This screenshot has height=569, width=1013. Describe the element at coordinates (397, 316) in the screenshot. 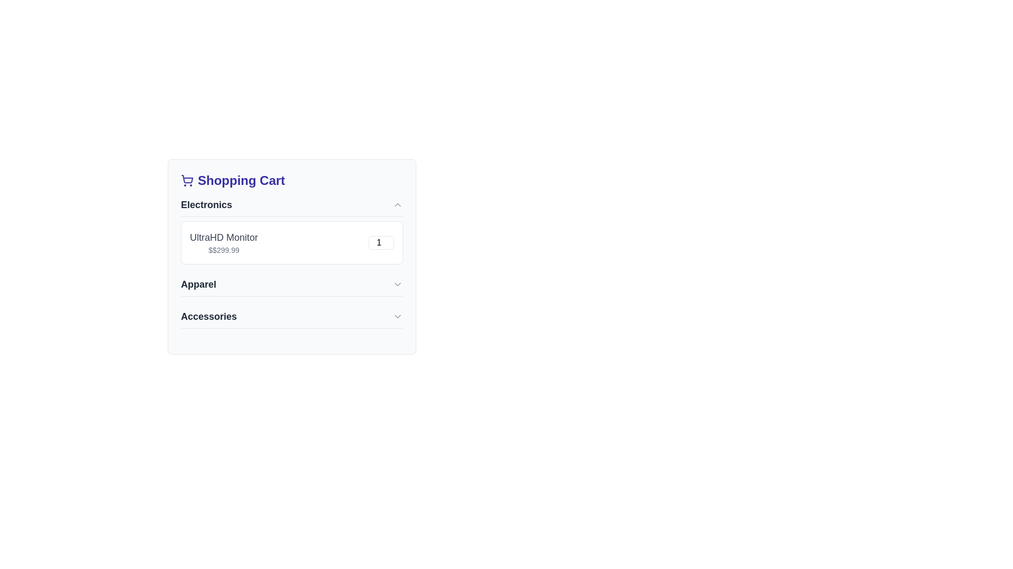

I see `the downward-pointing Chevron icon located to the right of the 'Accessories' label` at that location.